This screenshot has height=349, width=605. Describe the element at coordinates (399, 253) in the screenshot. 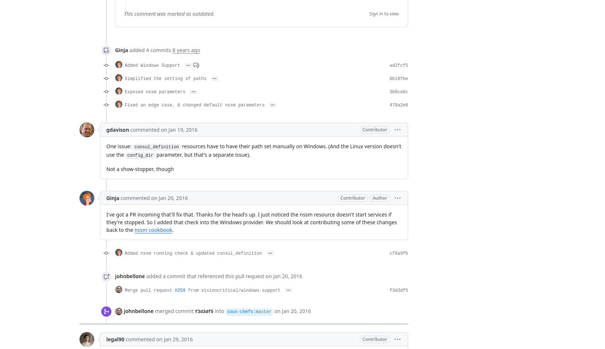

I see `'cf8a9fb'` at that location.